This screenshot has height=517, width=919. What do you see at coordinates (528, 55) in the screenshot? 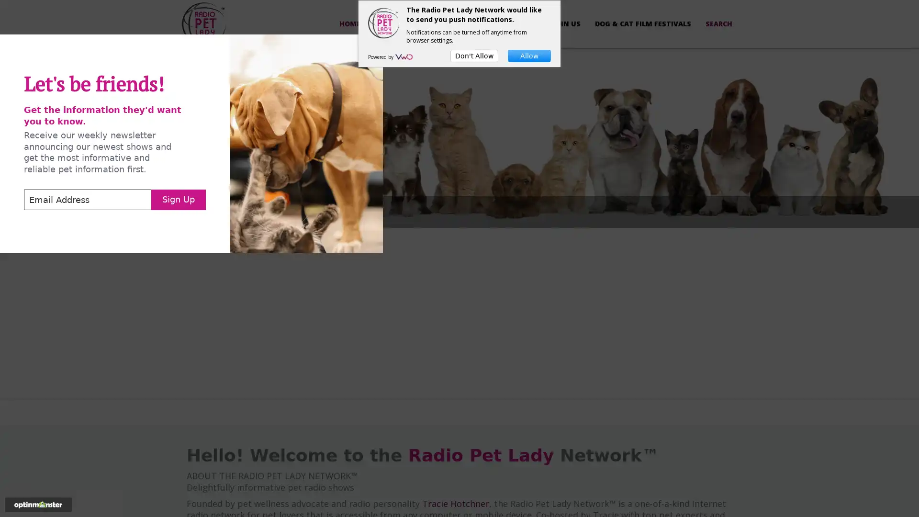
I see `Allow` at bounding box center [528, 55].